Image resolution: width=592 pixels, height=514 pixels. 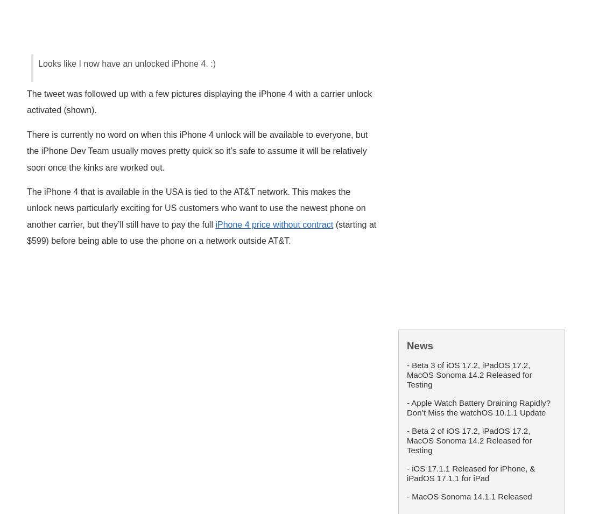 I want to click on 'MacOS Sonoma 14.1.1 Released', so click(x=471, y=496).